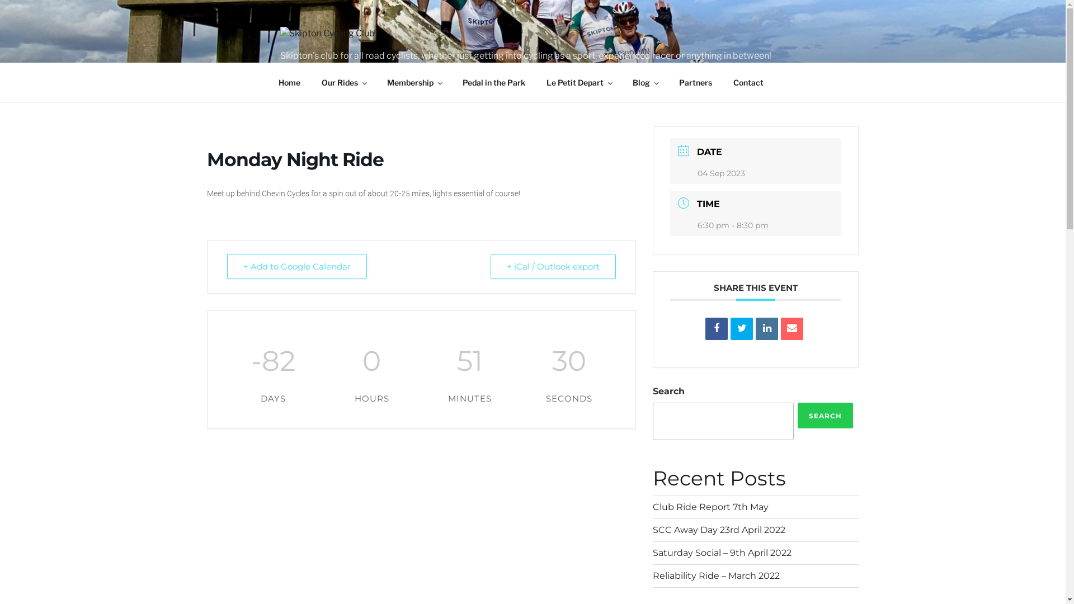  I want to click on 'Home', so click(289, 82).